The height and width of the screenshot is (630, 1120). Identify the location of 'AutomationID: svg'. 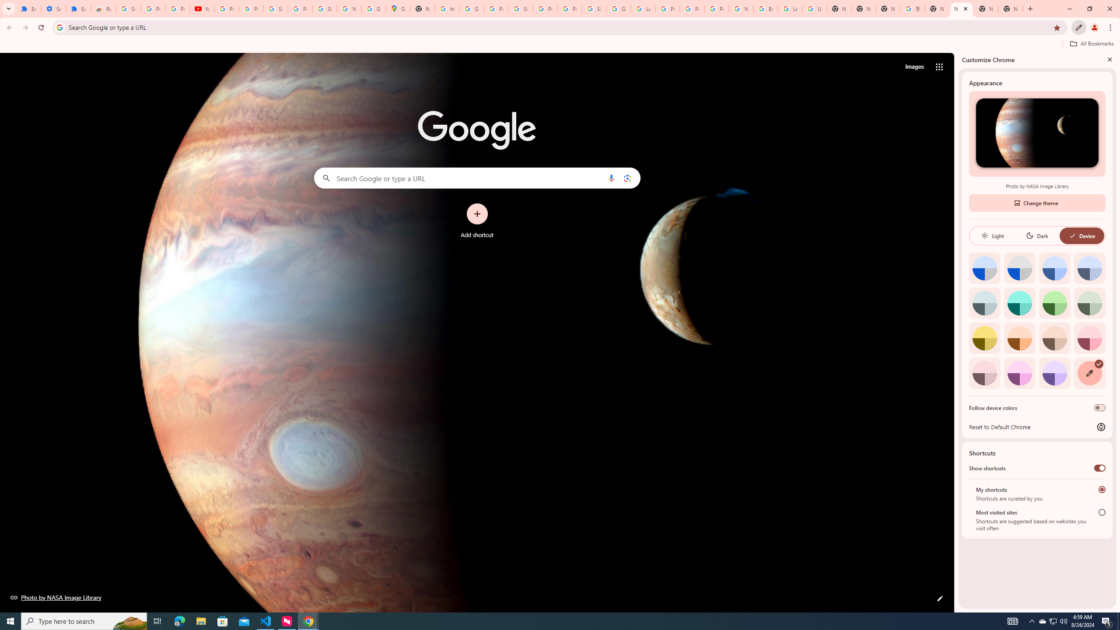
(1099, 364).